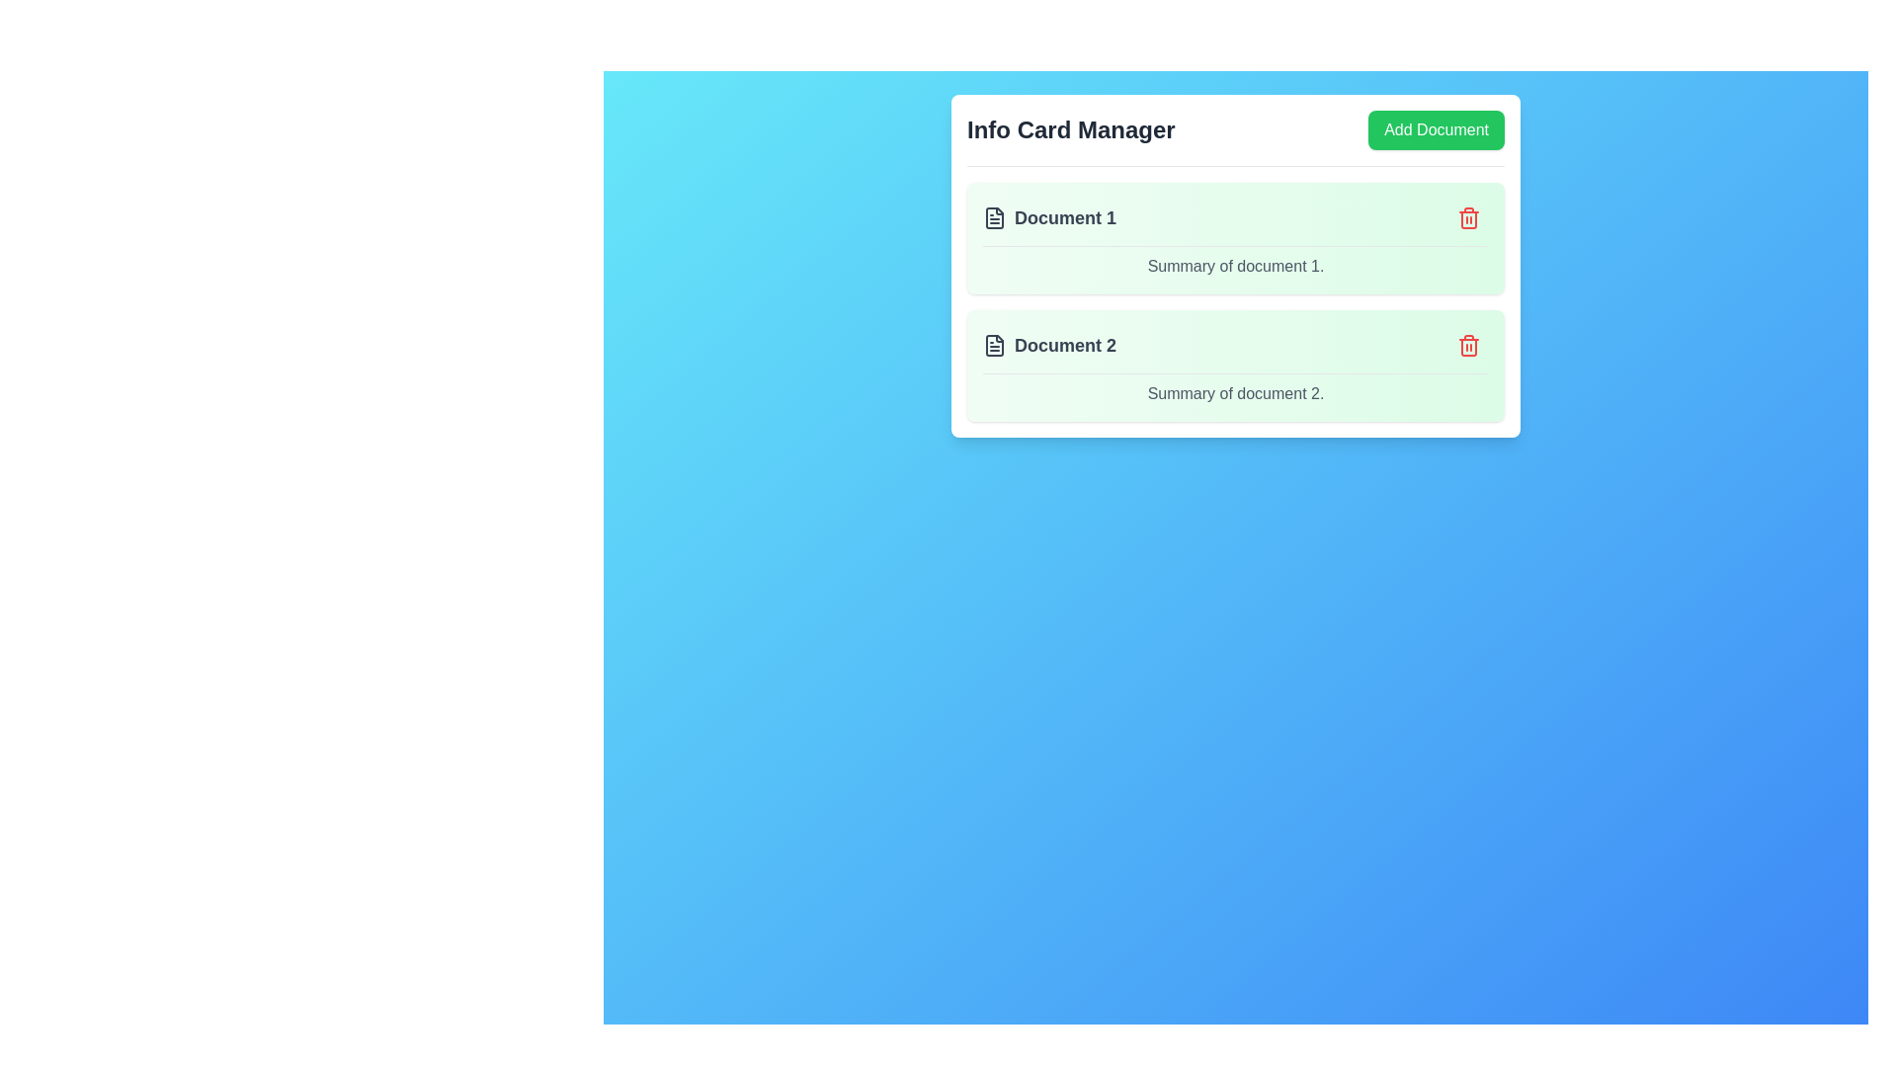 The image size is (1897, 1067). What do you see at coordinates (995, 217) in the screenshot?
I see `the document icon, which is a minimalistic vectorized representation of a document with a folded corner, located near the 'Document 1' text in the top section of a card format` at bounding box center [995, 217].